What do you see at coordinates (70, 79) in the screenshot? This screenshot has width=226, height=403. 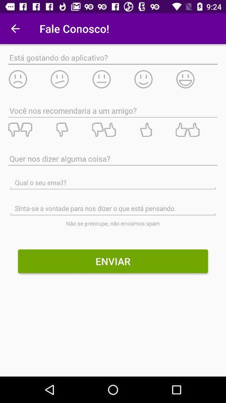 I see `feel` at bounding box center [70, 79].